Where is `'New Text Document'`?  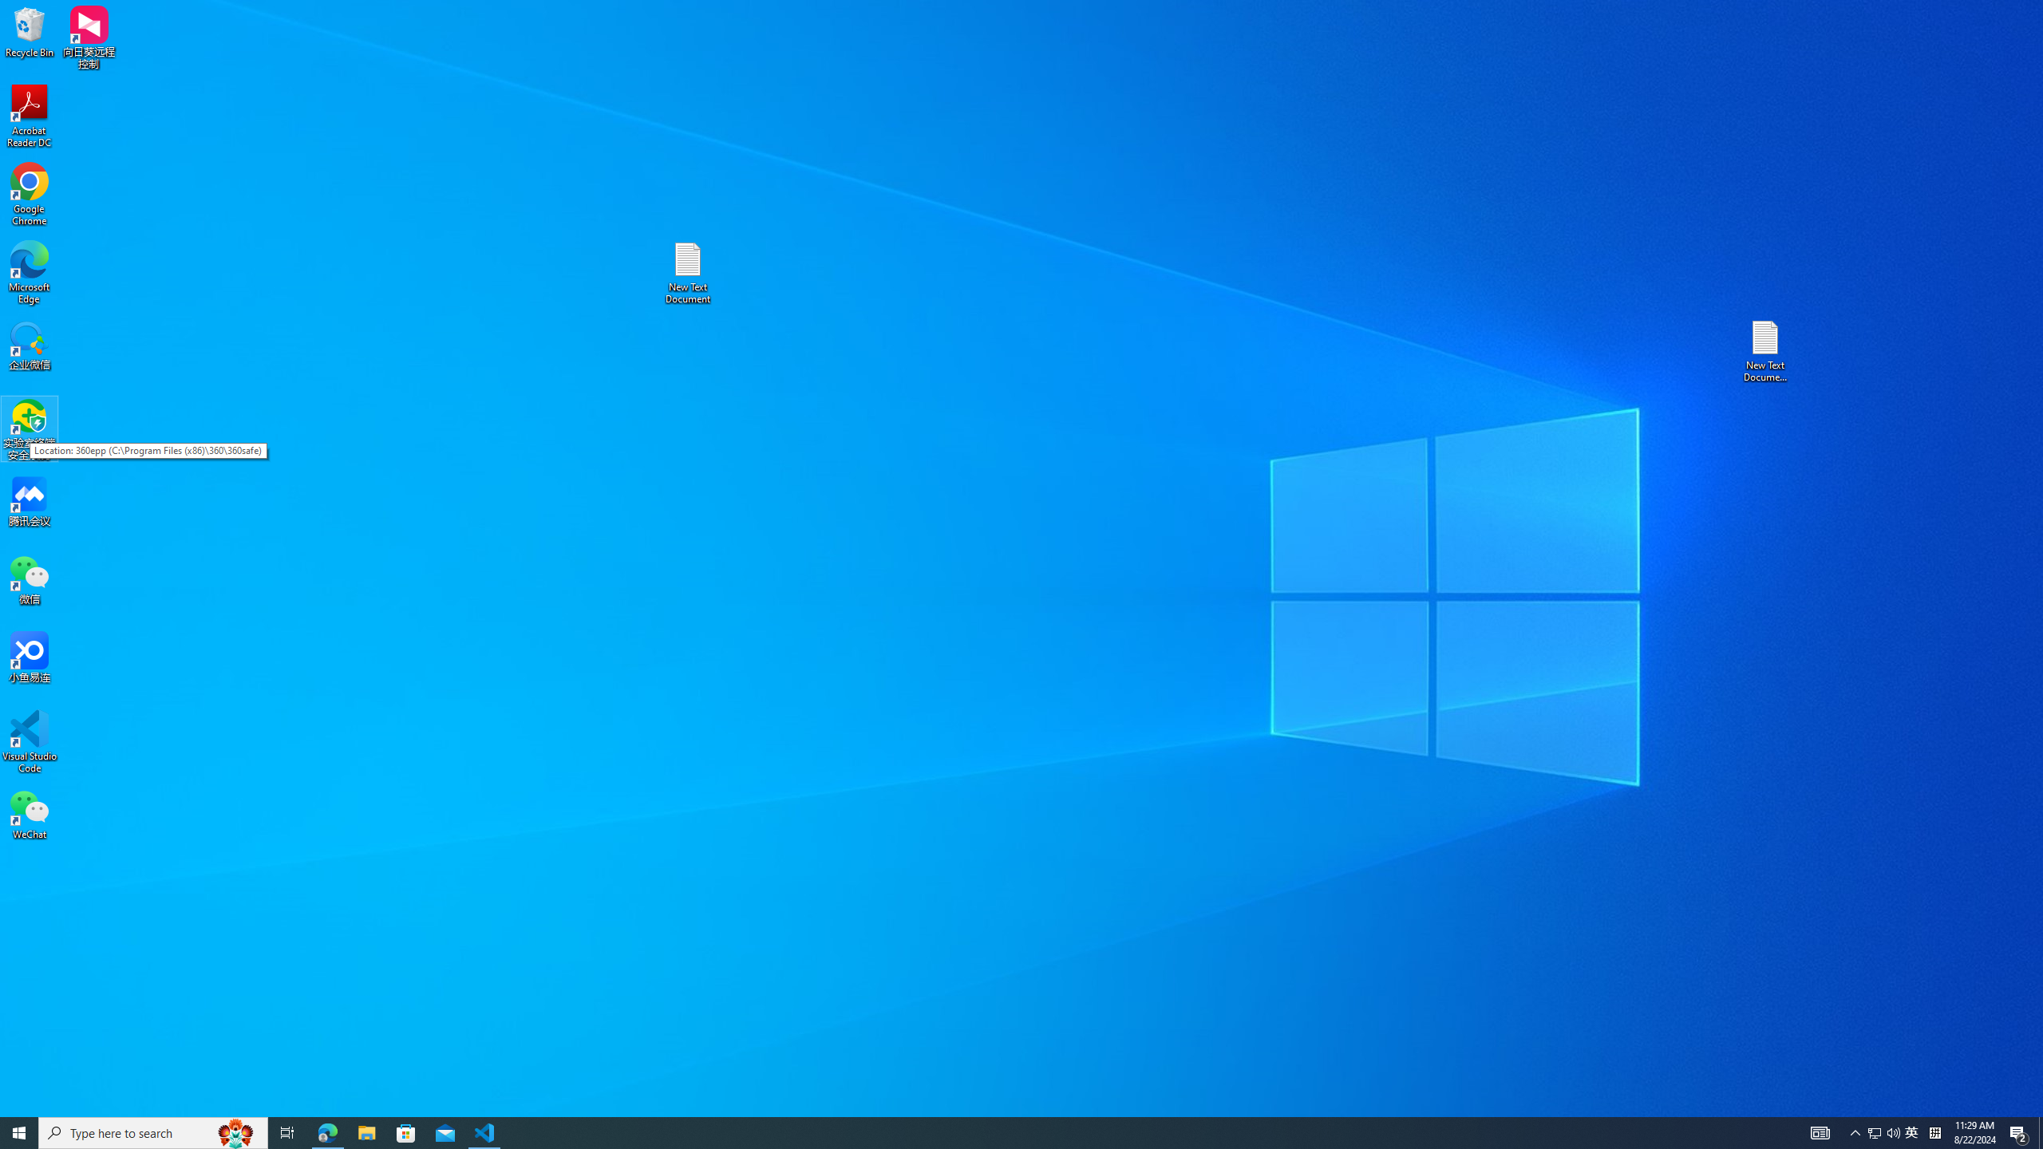 'New Text Document' is located at coordinates (686, 272).